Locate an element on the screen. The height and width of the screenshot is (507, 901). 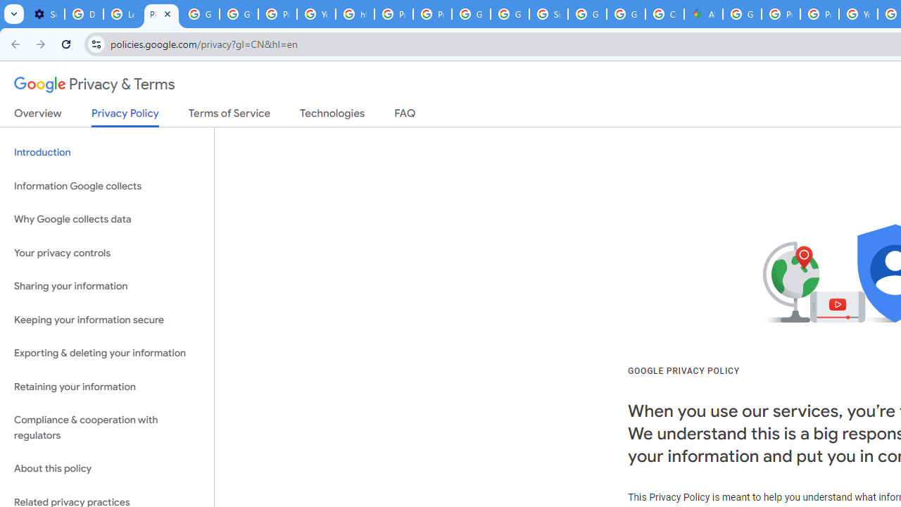
'About this policy' is located at coordinates (106, 469).